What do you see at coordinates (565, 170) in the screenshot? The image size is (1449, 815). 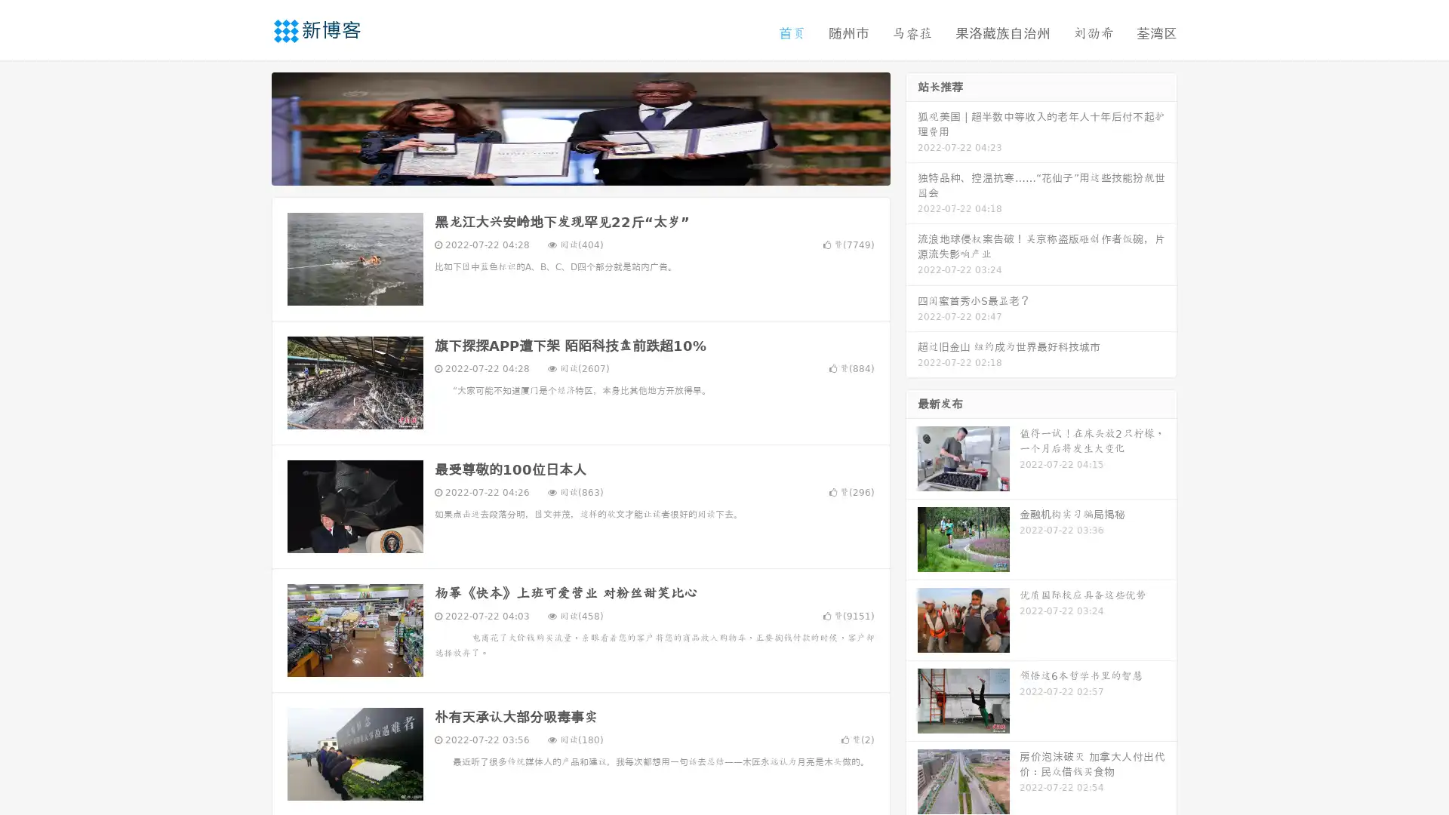 I see `Go to slide 1` at bounding box center [565, 170].